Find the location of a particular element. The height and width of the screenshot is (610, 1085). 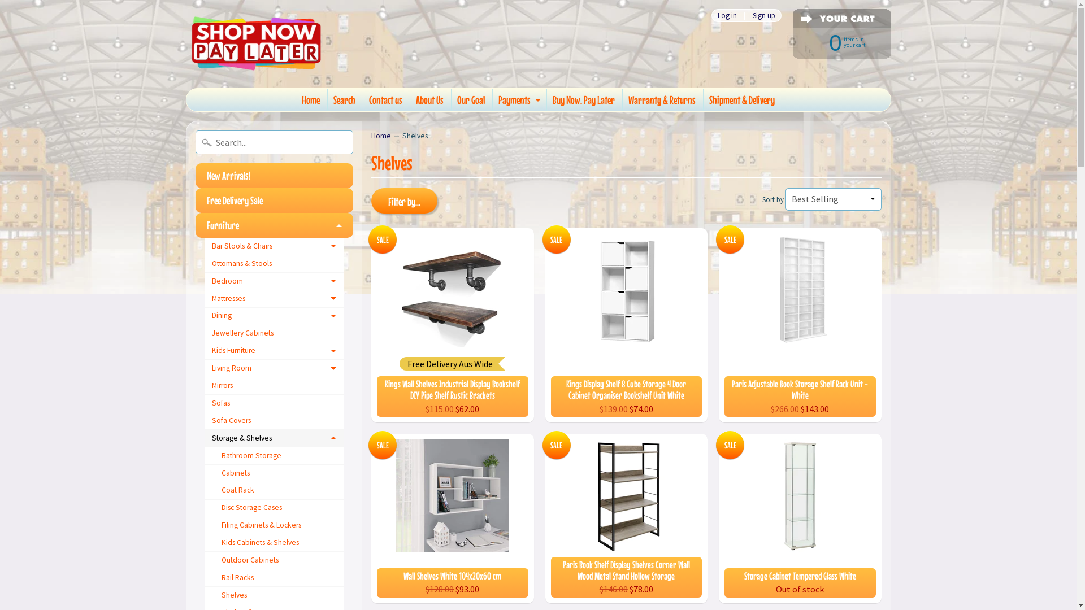

'Mattresses' is located at coordinates (204, 298).